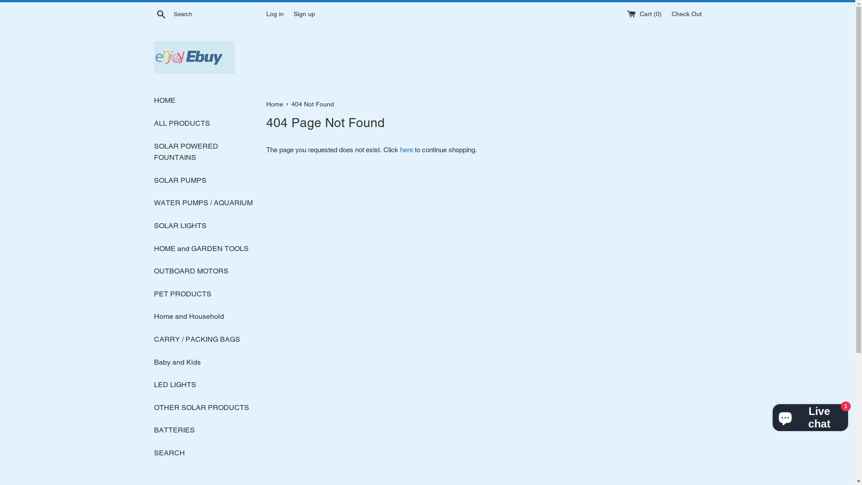 This screenshot has width=862, height=485. I want to click on 'SEARCH', so click(202, 453).